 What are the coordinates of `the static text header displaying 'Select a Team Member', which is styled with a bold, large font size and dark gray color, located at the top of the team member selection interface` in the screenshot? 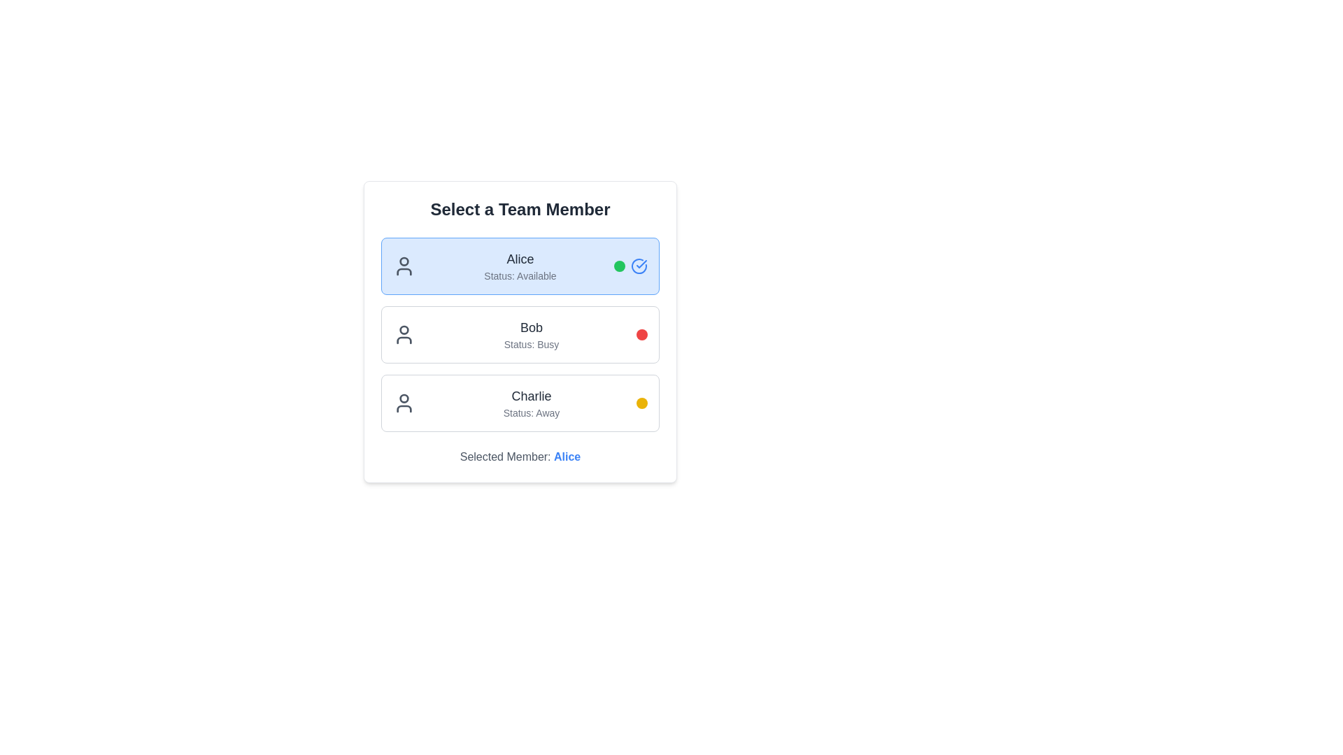 It's located at (520, 210).